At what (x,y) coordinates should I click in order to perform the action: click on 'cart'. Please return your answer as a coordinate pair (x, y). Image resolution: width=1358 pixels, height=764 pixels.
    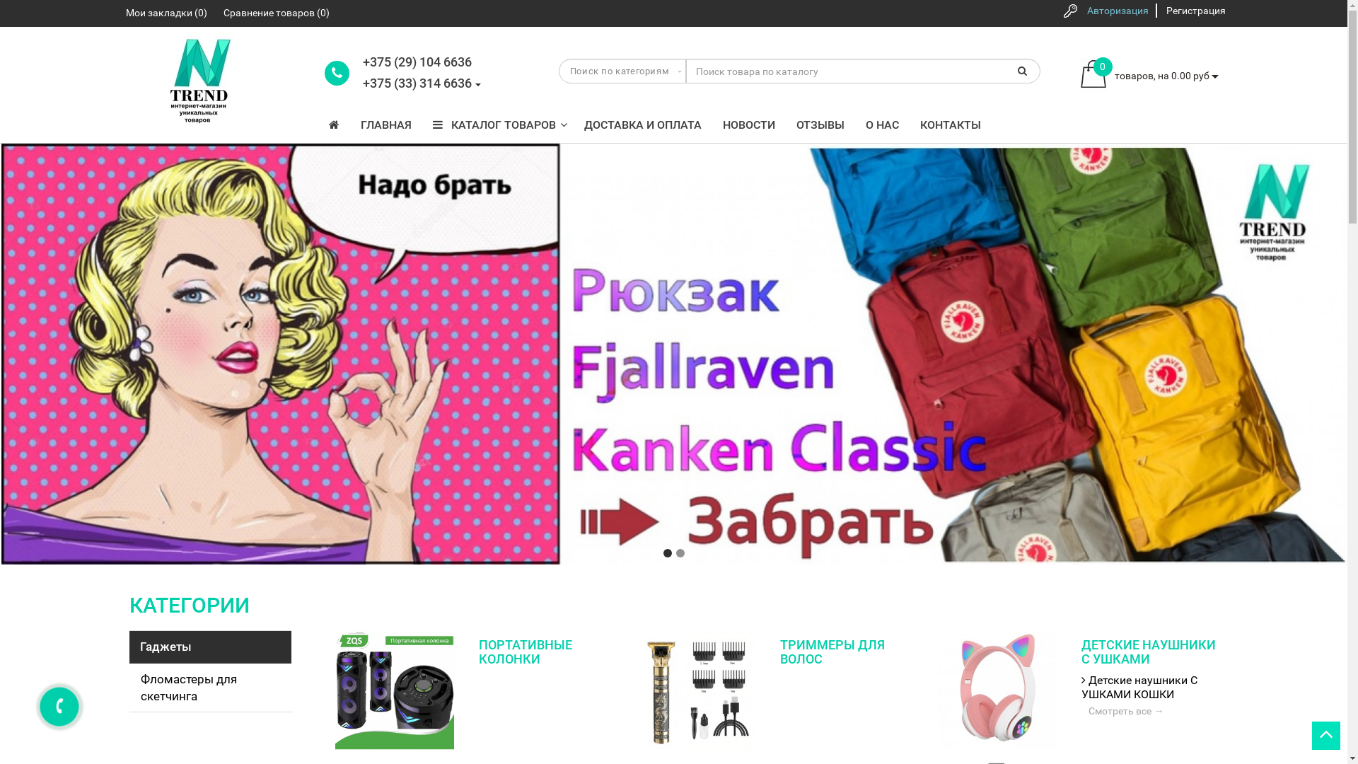
    Looking at the image, I should click on (1092, 74).